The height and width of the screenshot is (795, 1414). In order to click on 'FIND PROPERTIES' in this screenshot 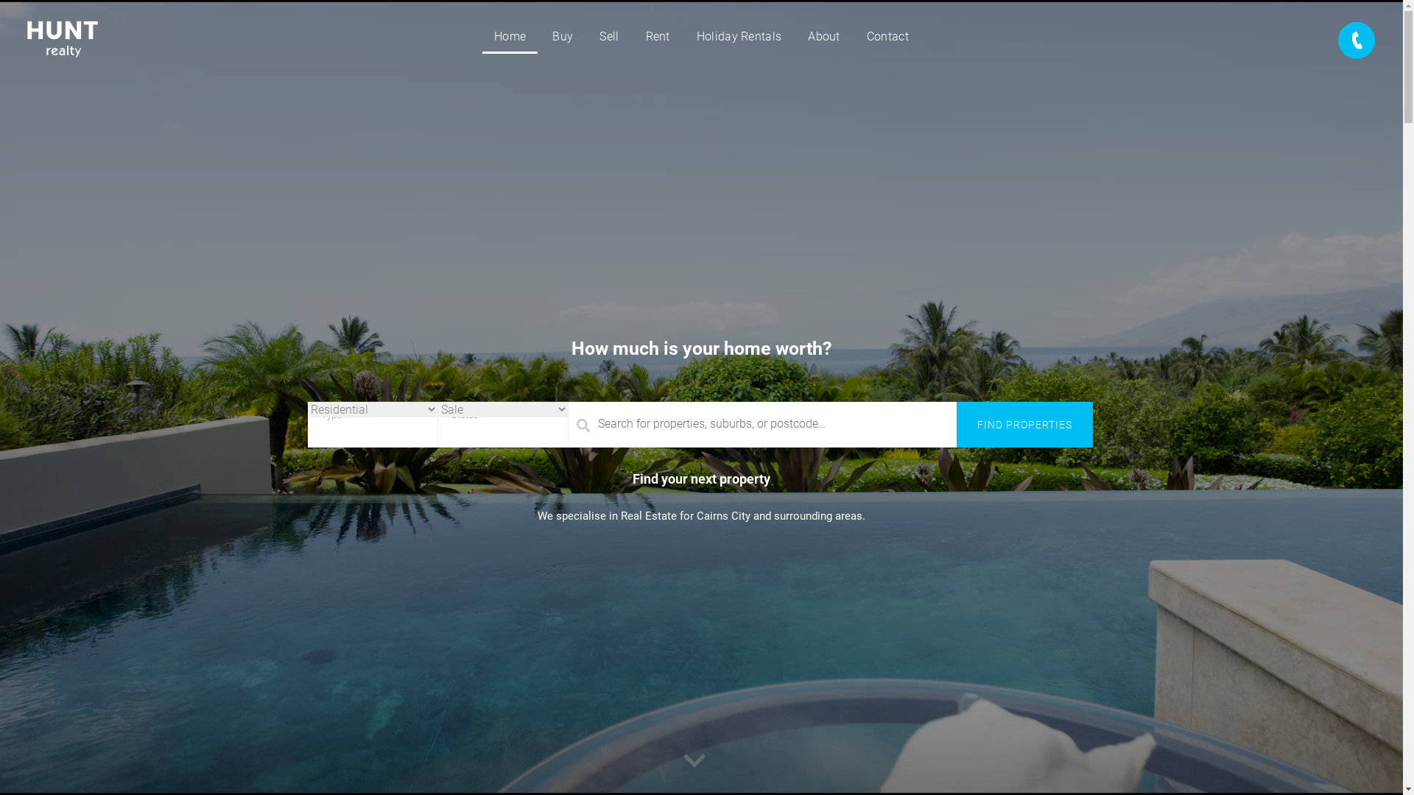, I will do `click(1024, 425)`.